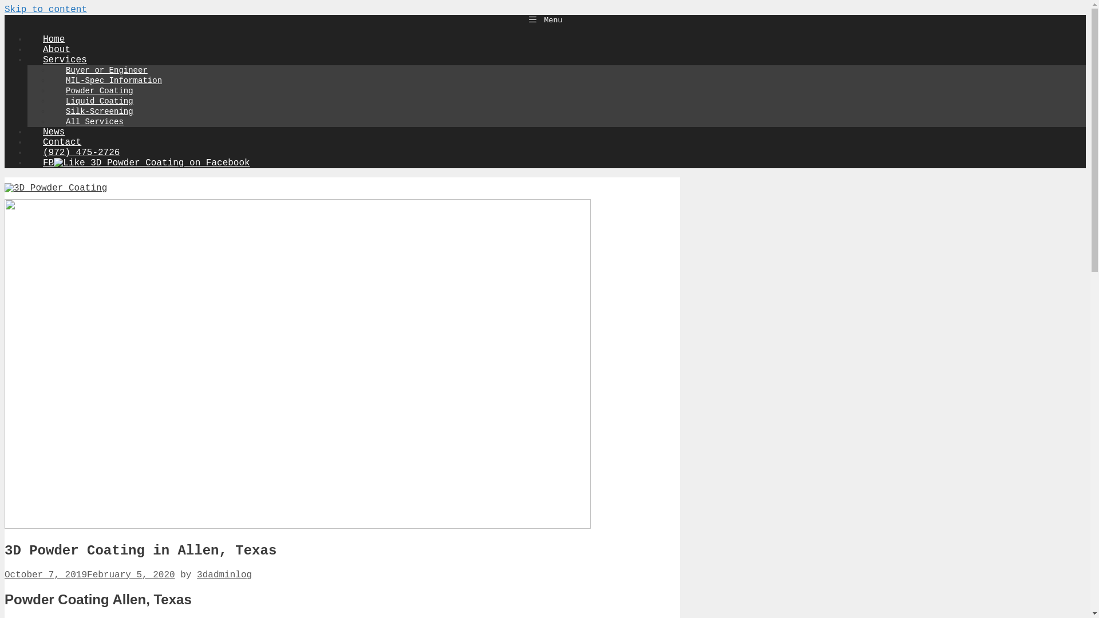  Describe the element at coordinates (106, 70) in the screenshot. I see `'Buyer or Engineer'` at that location.